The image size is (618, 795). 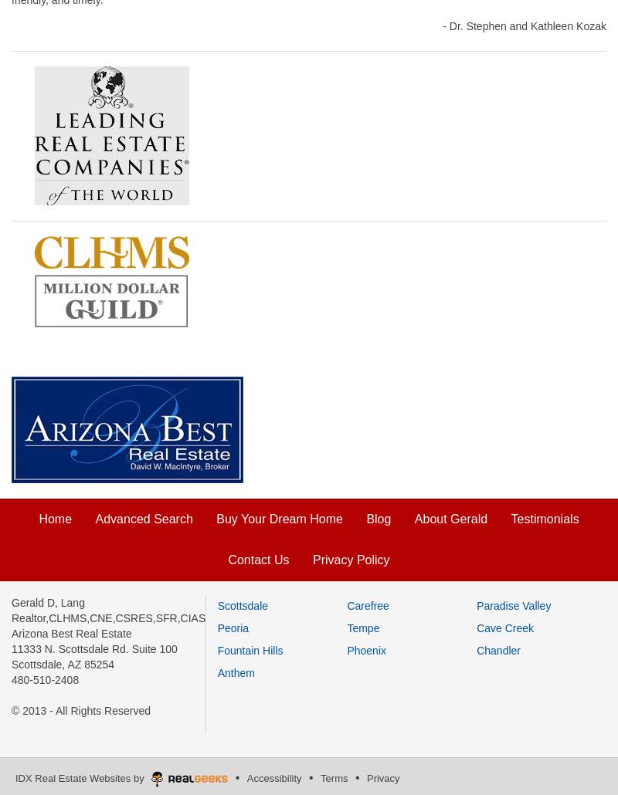 I want to click on 'Realtor,CLHMS,CNE,CSRES,SFR,CIAS', so click(x=108, y=617).